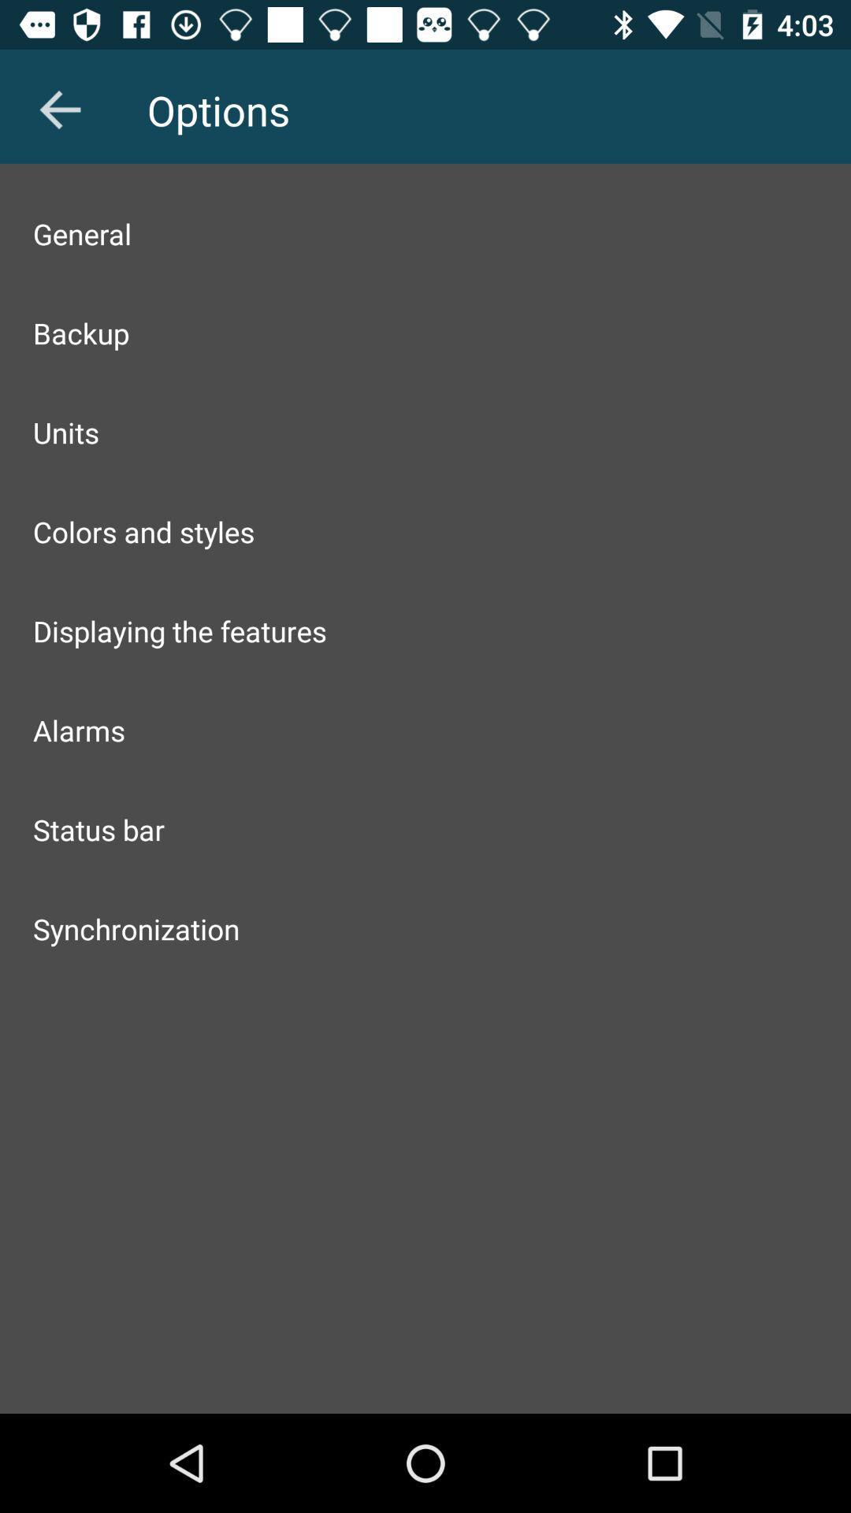 The width and height of the screenshot is (851, 1513). I want to click on item above general, so click(59, 109).